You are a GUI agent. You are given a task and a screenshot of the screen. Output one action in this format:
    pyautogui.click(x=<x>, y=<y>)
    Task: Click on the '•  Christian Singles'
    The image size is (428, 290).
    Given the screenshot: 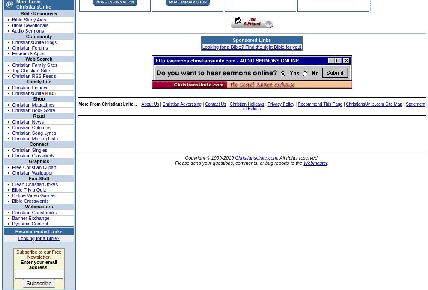 What is the action you would take?
    pyautogui.click(x=8, y=149)
    